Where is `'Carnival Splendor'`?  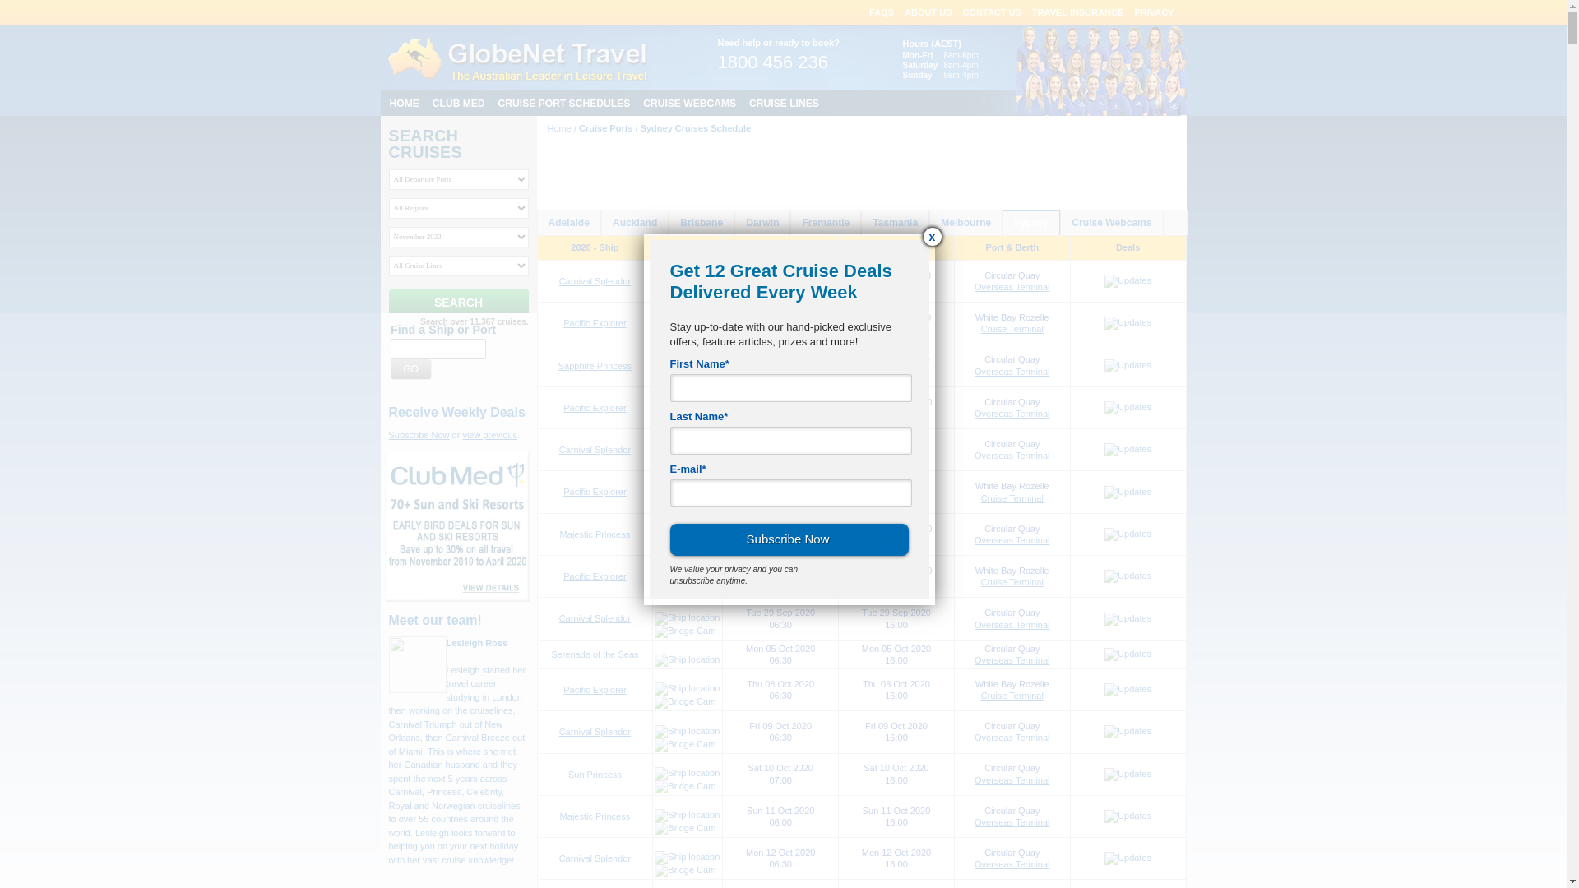 'Carnival Splendor' is located at coordinates (594, 618).